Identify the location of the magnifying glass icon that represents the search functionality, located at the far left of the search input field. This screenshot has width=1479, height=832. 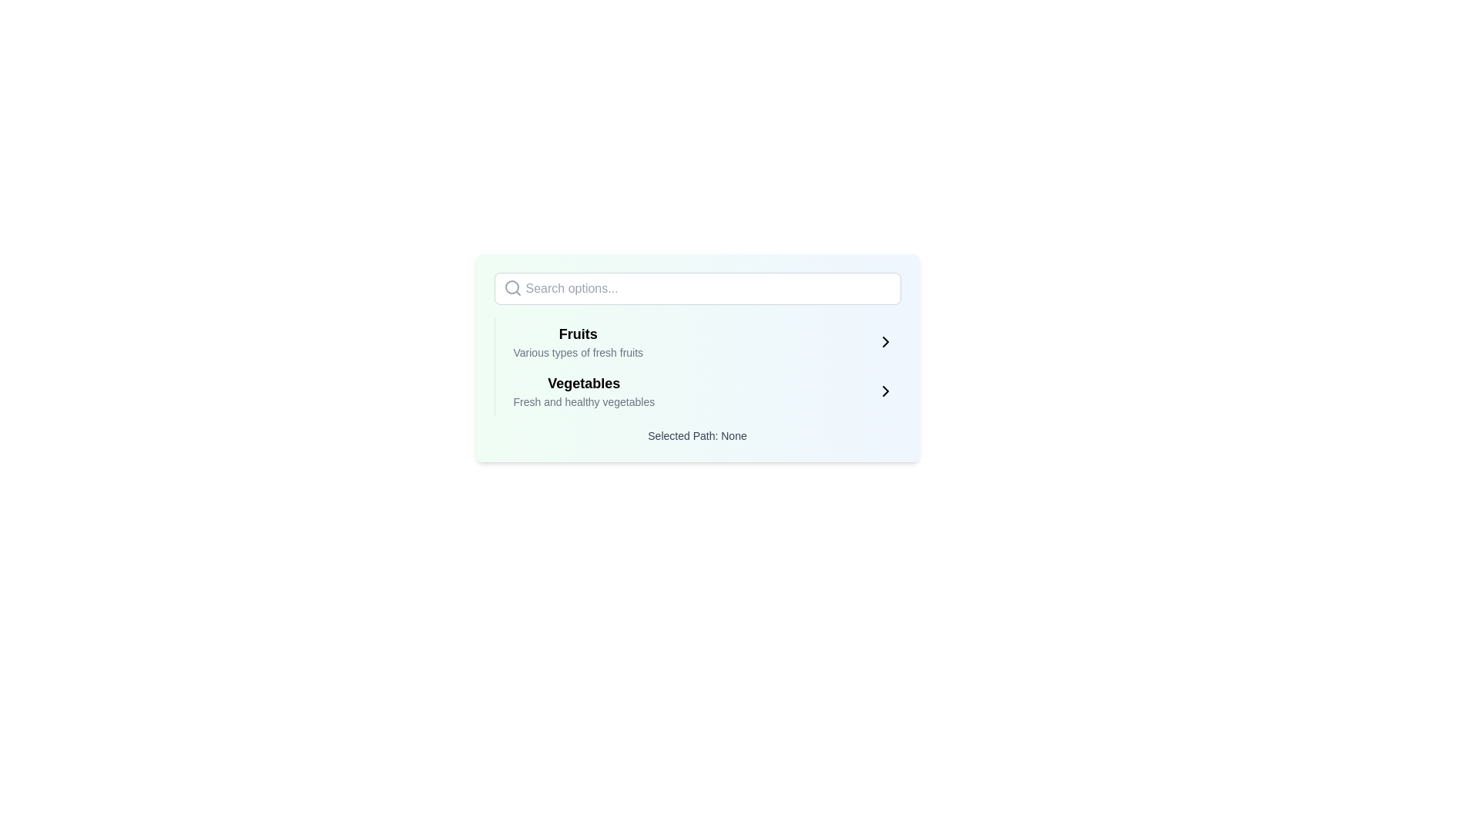
(512, 288).